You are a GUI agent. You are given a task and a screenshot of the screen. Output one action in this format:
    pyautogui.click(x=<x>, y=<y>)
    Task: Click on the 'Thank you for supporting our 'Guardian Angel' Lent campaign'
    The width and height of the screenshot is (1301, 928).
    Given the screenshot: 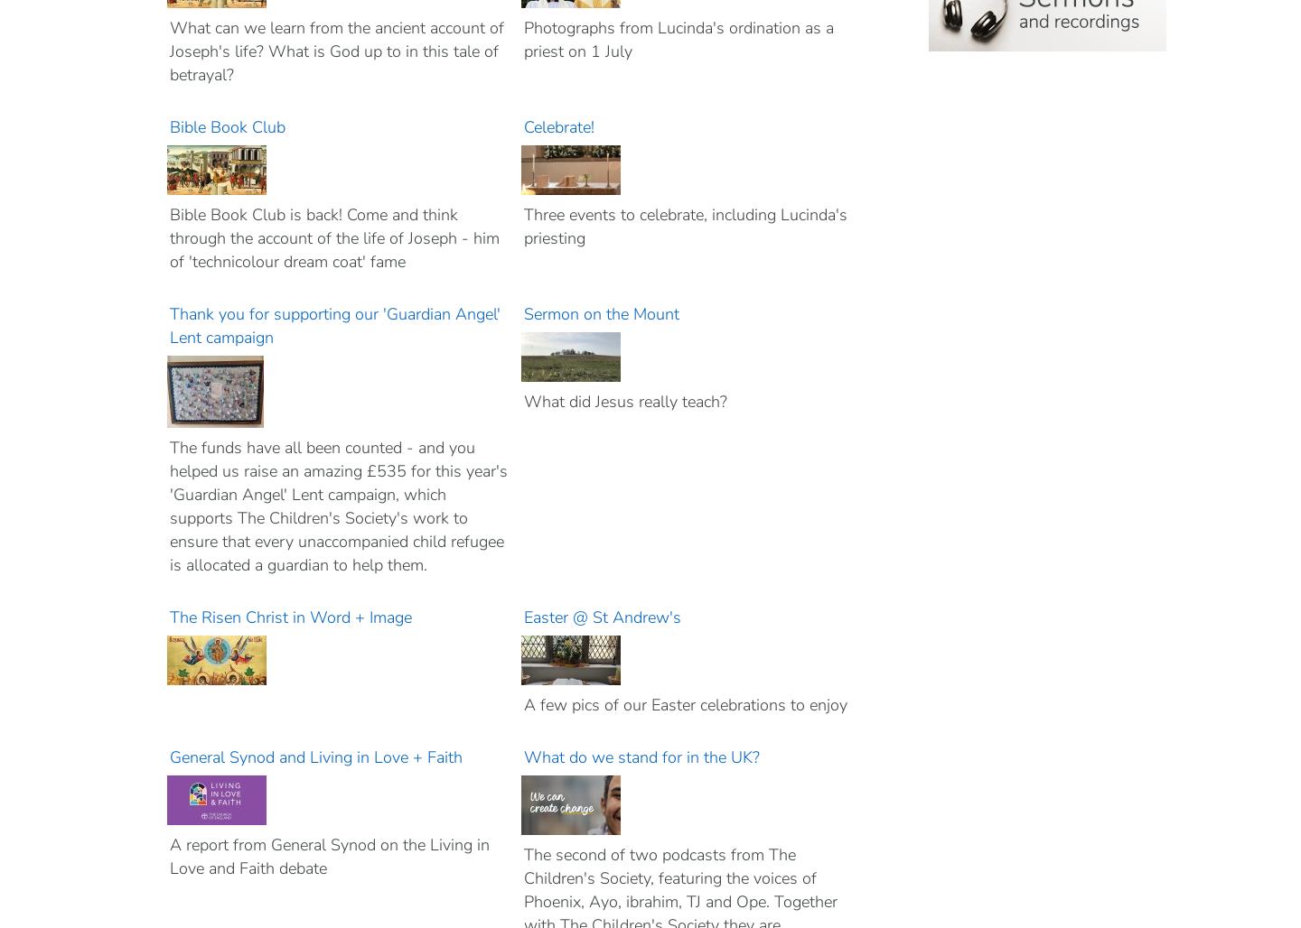 What is the action you would take?
    pyautogui.click(x=333, y=325)
    